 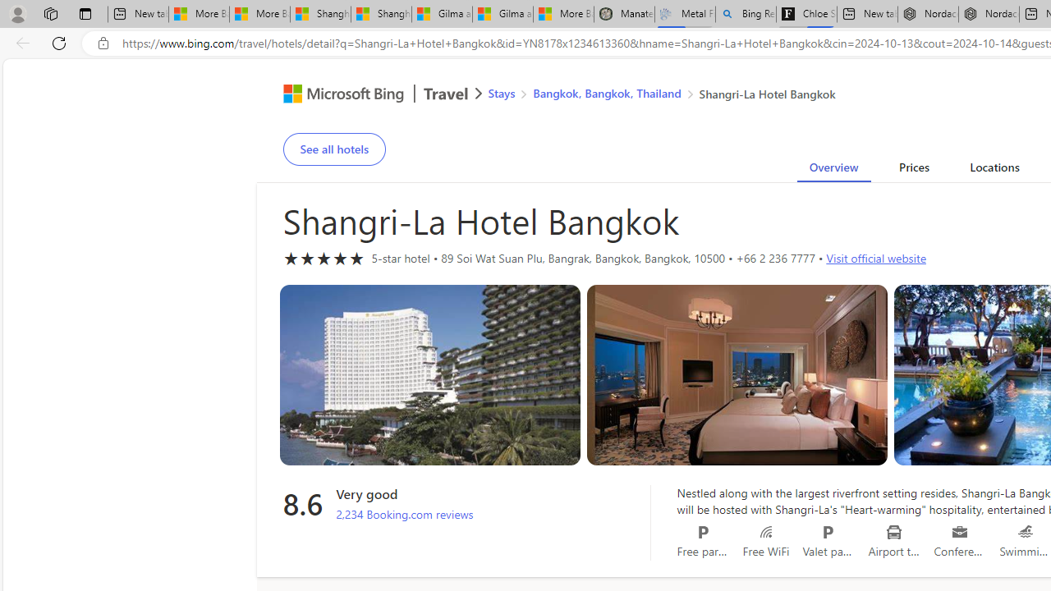 What do you see at coordinates (806, 14) in the screenshot?
I see `'Chloe Sorvino'` at bounding box center [806, 14].